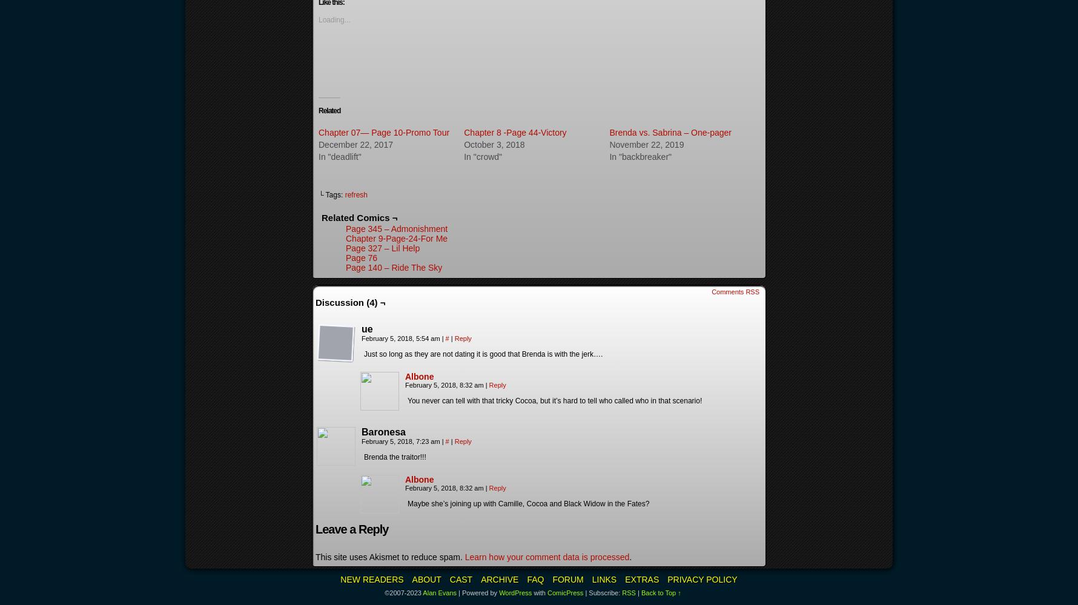  What do you see at coordinates (567, 579) in the screenshot?
I see `'FORUM'` at bounding box center [567, 579].